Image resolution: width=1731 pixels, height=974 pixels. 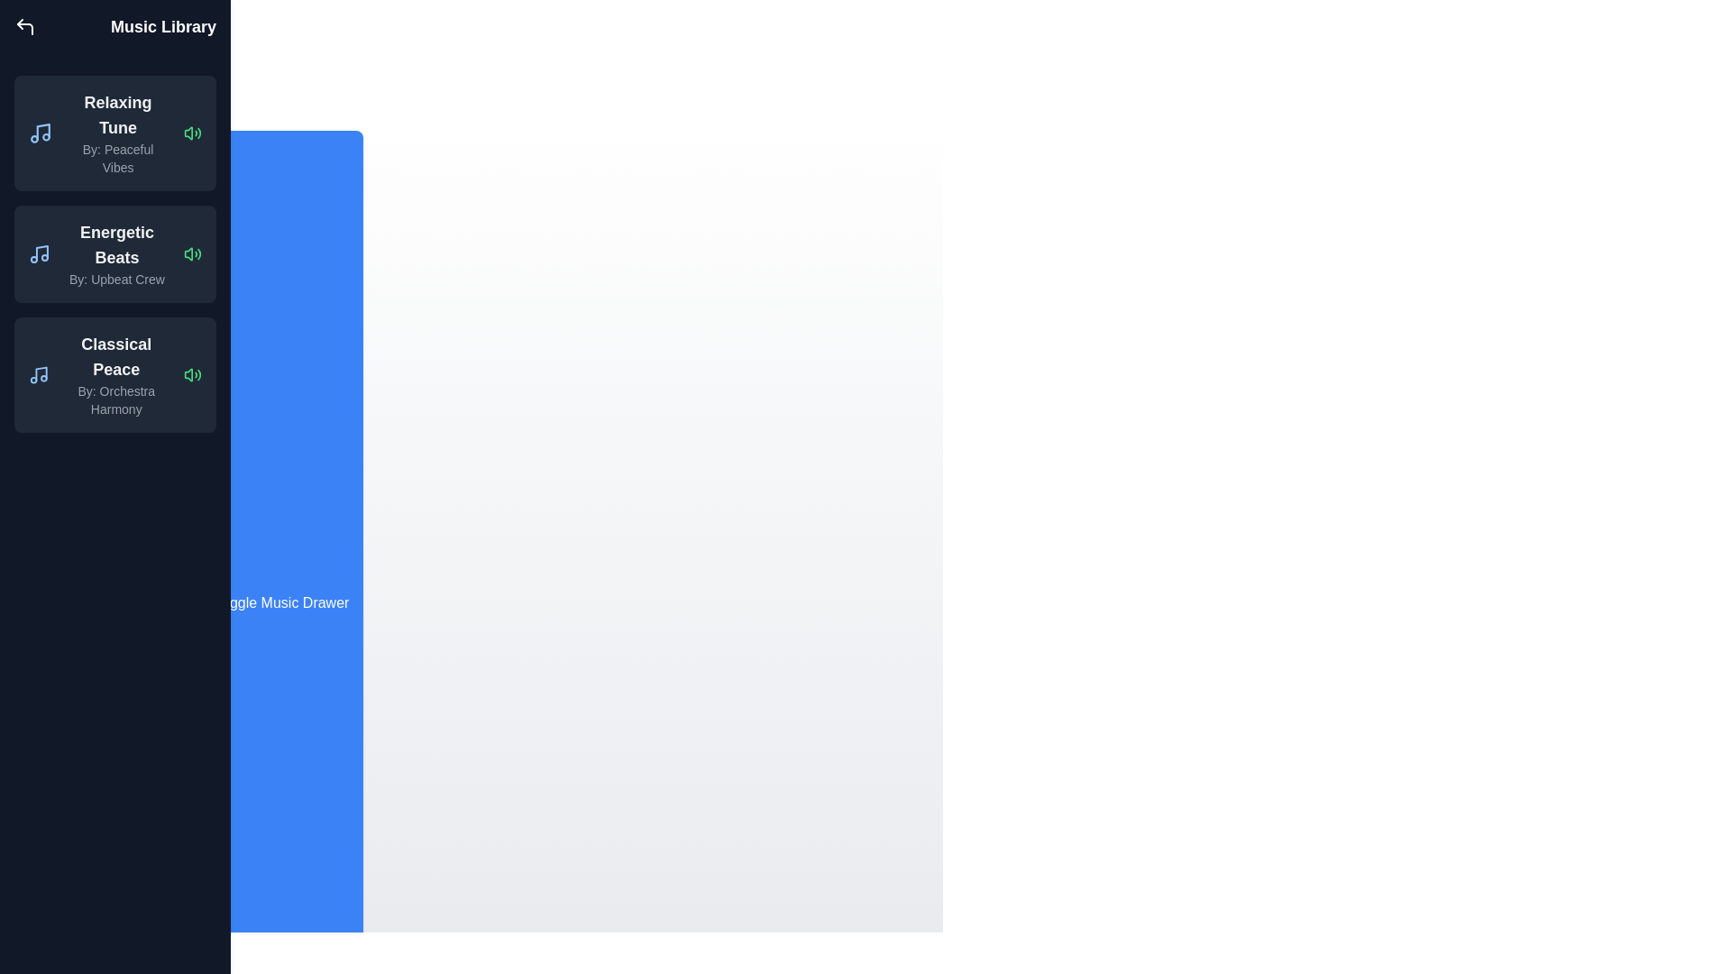 I want to click on the track Classical Peace from the list, so click(x=193, y=374).